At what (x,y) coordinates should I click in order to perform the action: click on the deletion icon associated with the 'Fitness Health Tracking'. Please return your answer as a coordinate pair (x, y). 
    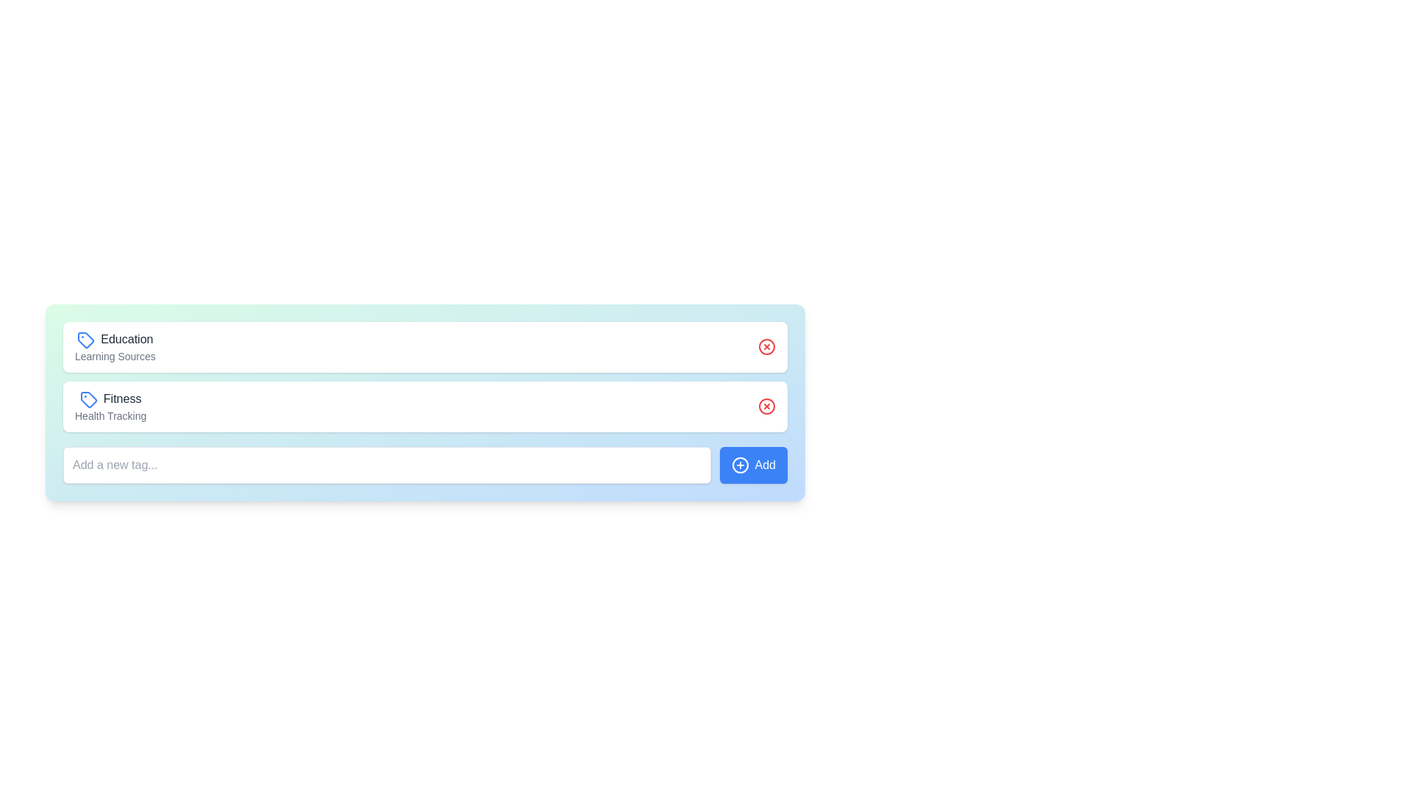
    Looking at the image, I should click on (766, 346).